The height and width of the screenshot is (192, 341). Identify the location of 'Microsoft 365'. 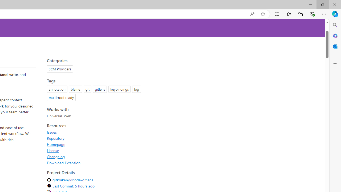
(335, 35).